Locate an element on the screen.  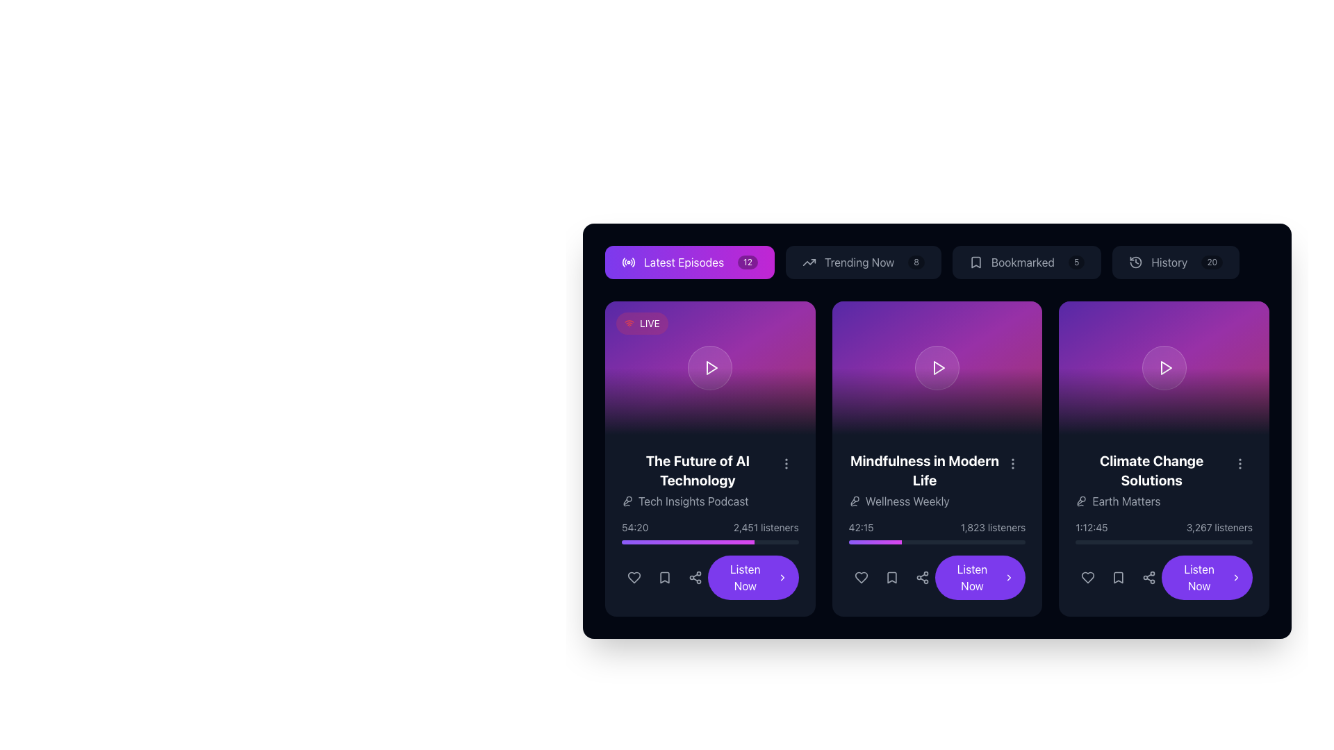
the Text Label that serves as the heading for the third card in a horizontal row of cards, summarizing the topic or theme of the content presented within the card is located at coordinates (1151, 479).